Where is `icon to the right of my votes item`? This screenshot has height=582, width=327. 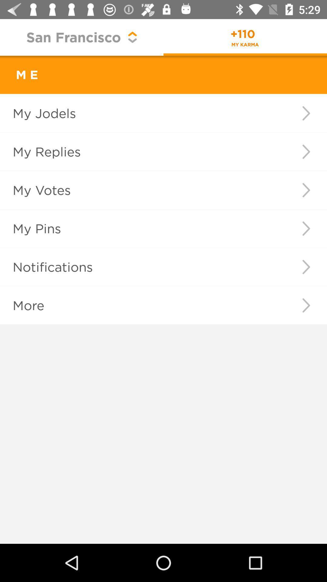
icon to the right of my votes item is located at coordinates (306, 190).